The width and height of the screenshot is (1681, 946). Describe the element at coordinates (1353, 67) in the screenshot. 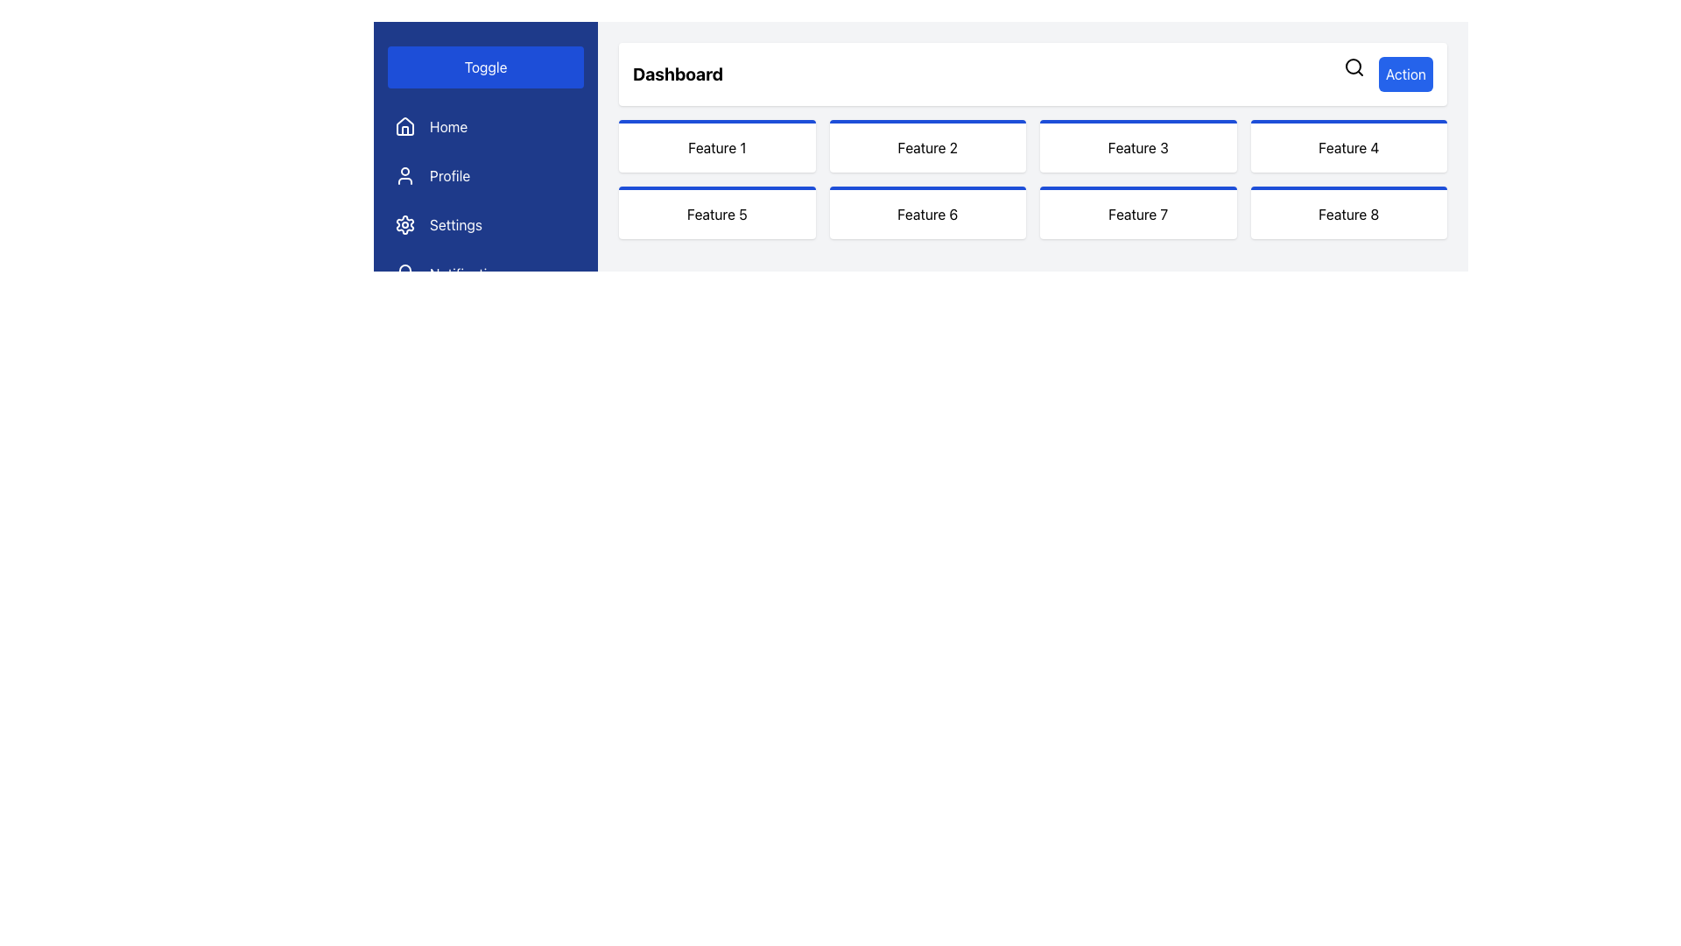

I see `the search button located at the top-right corner of the interface` at that location.